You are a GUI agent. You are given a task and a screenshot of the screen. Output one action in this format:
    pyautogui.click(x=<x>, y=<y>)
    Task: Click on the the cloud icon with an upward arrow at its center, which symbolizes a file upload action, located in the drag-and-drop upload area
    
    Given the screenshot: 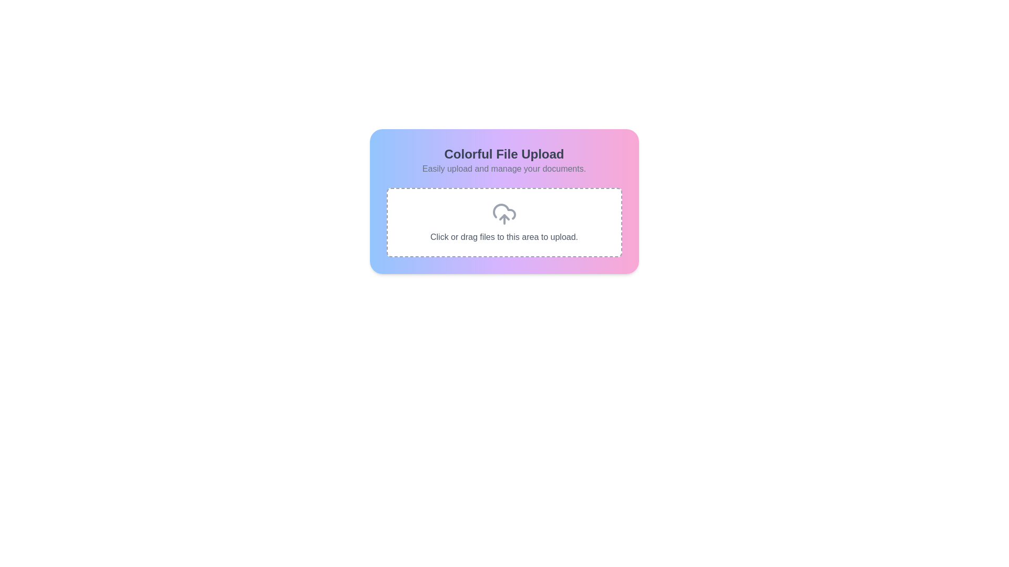 What is the action you would take?
    pyautogui.click(x=503, y=214)
    